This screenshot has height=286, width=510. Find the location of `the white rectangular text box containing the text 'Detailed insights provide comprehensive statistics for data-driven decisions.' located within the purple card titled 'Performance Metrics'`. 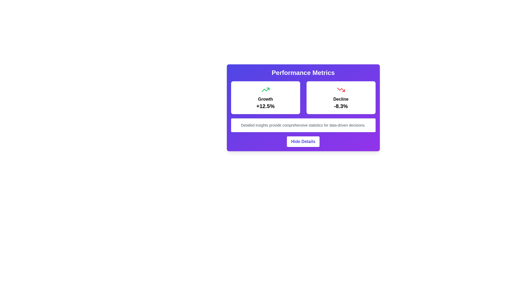

the white rectangular text box containing the text 'Detailed insights provide comprehensive statistics for data-driven decisions.' located within the purple card titled 'Performance Metrics' is located at coordinates (303, 125).